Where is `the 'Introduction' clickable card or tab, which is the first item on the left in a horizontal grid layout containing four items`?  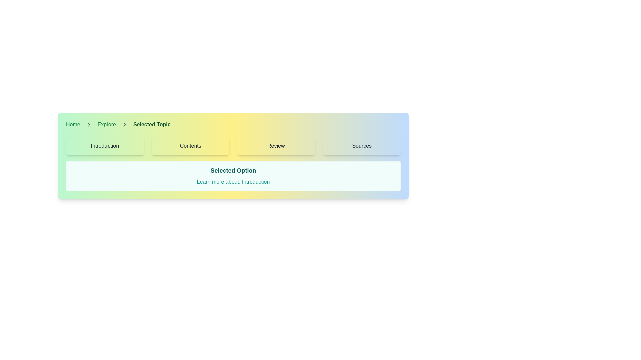 the 'Introduction' clickable card or tab, which is the first item on the left in a horizontal grid layout containing four items is located at coordinates (104, 146).